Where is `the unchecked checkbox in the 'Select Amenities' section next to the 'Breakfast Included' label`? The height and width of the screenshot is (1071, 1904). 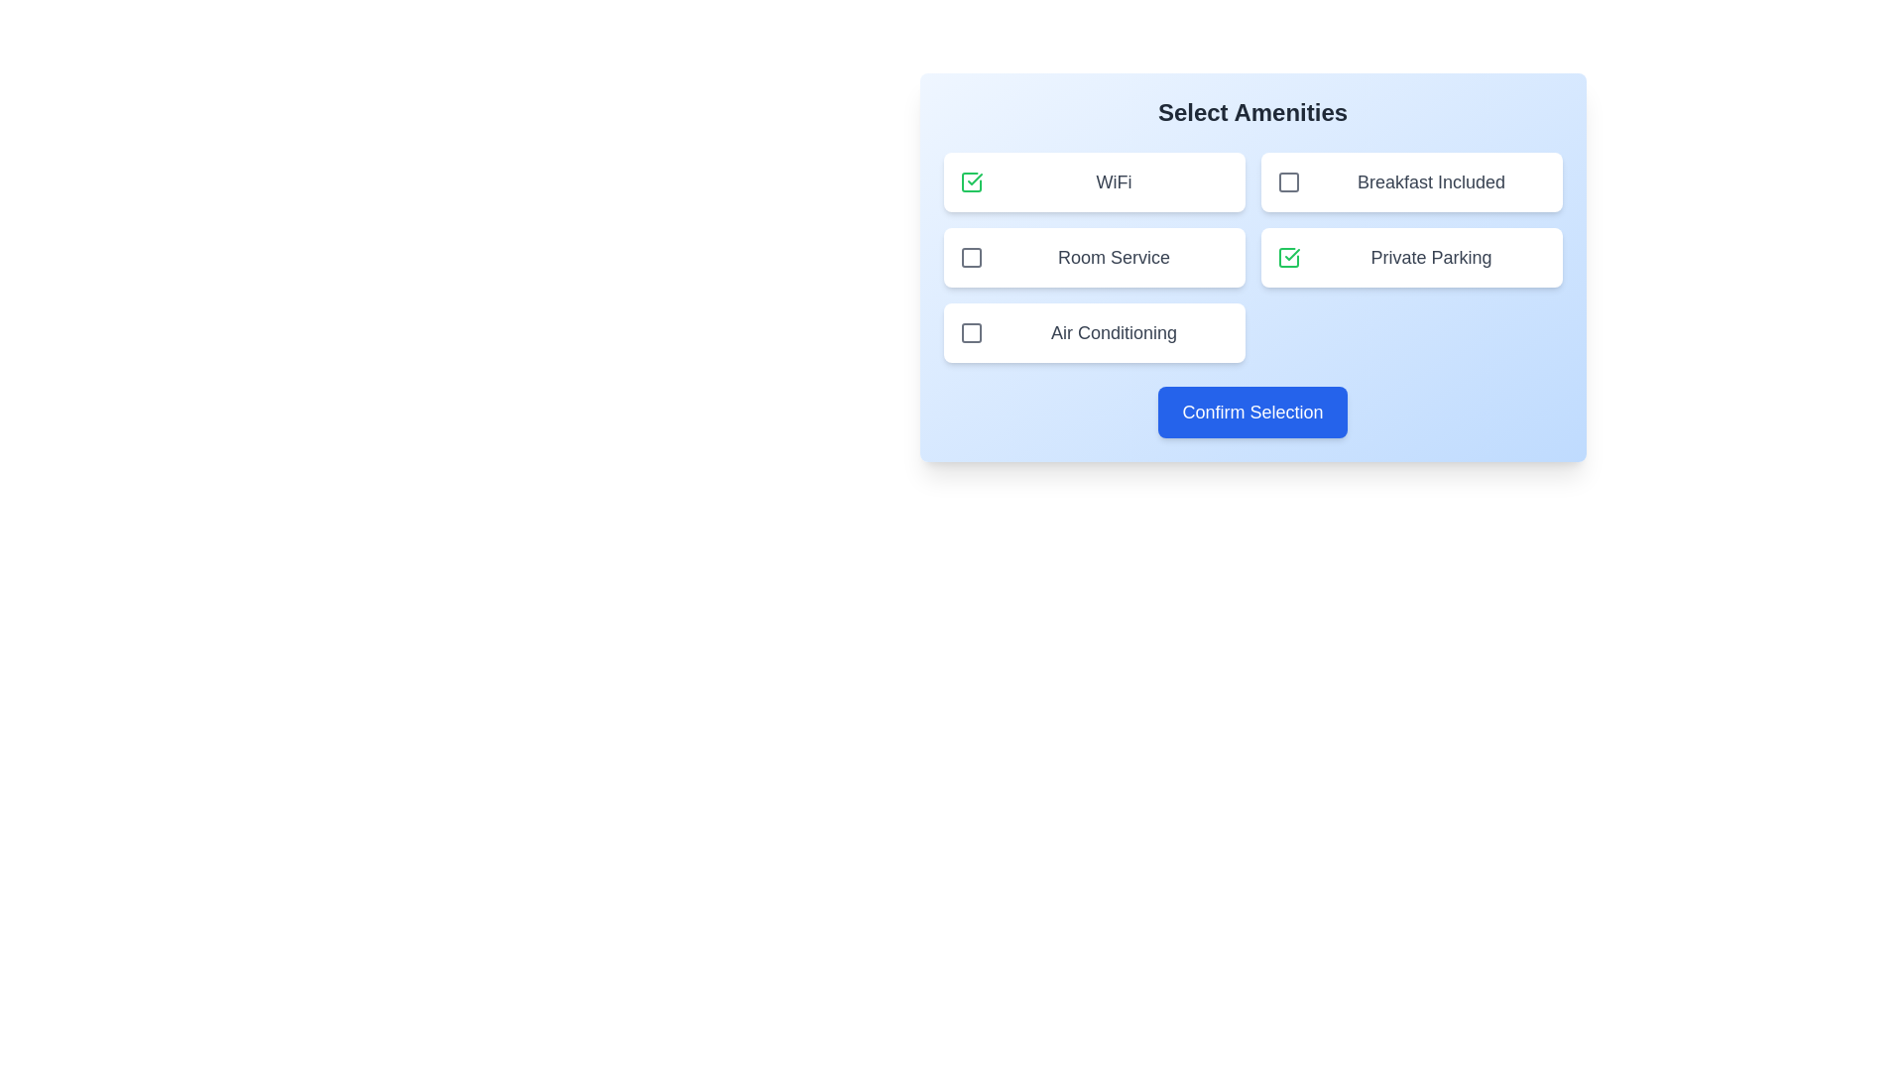
the unchecked checkbox in the 'Select Amenities' section next to the 'Breakfast Included' label is located at coordinates (1288, 182).